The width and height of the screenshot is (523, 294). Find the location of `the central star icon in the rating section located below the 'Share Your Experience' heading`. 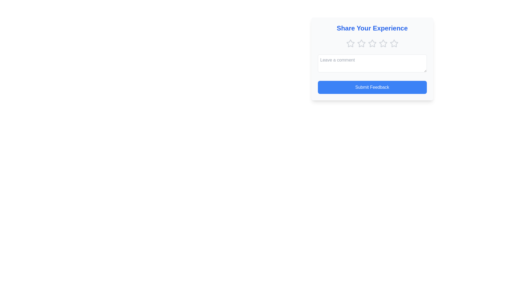

the central star icon in the rating section located below the 'Share Your Experience' heading is located at coordinates (372, 43).